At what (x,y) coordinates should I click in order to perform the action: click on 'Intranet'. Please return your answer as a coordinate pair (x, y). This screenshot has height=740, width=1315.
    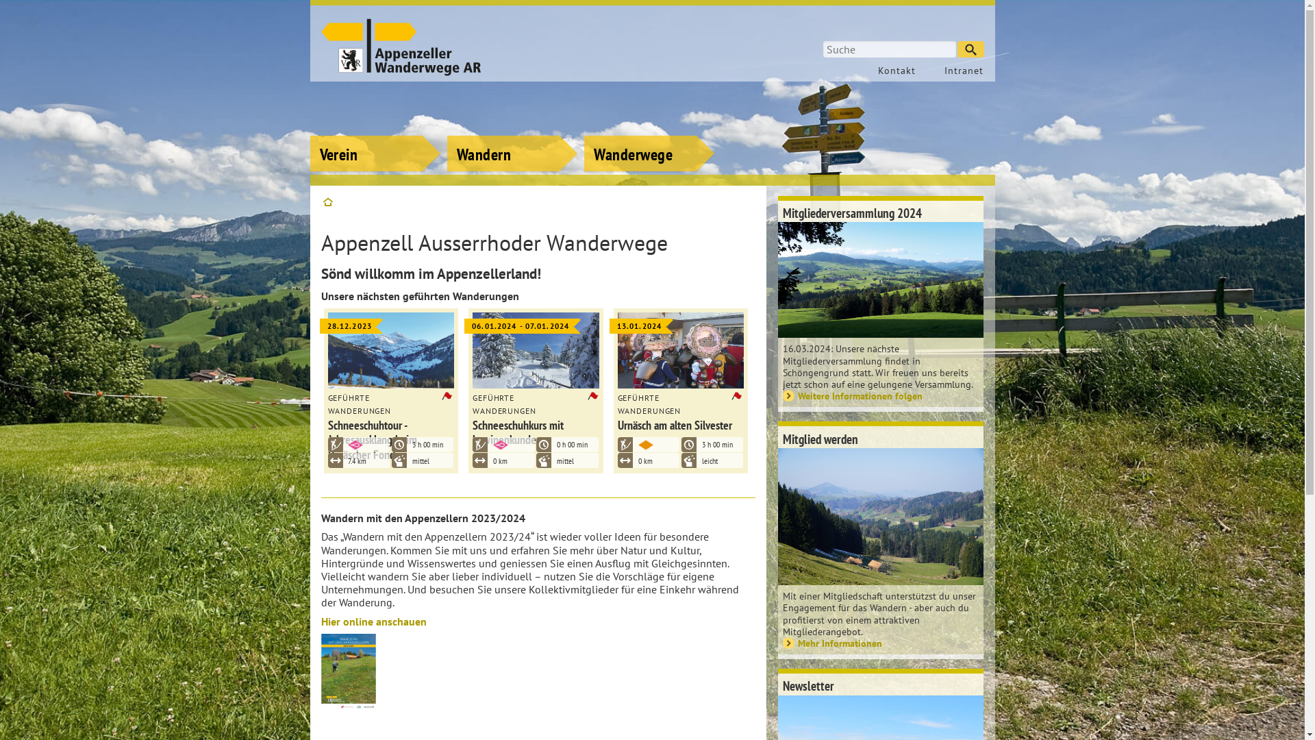
    Looking at the image, I should click on (955, 71).